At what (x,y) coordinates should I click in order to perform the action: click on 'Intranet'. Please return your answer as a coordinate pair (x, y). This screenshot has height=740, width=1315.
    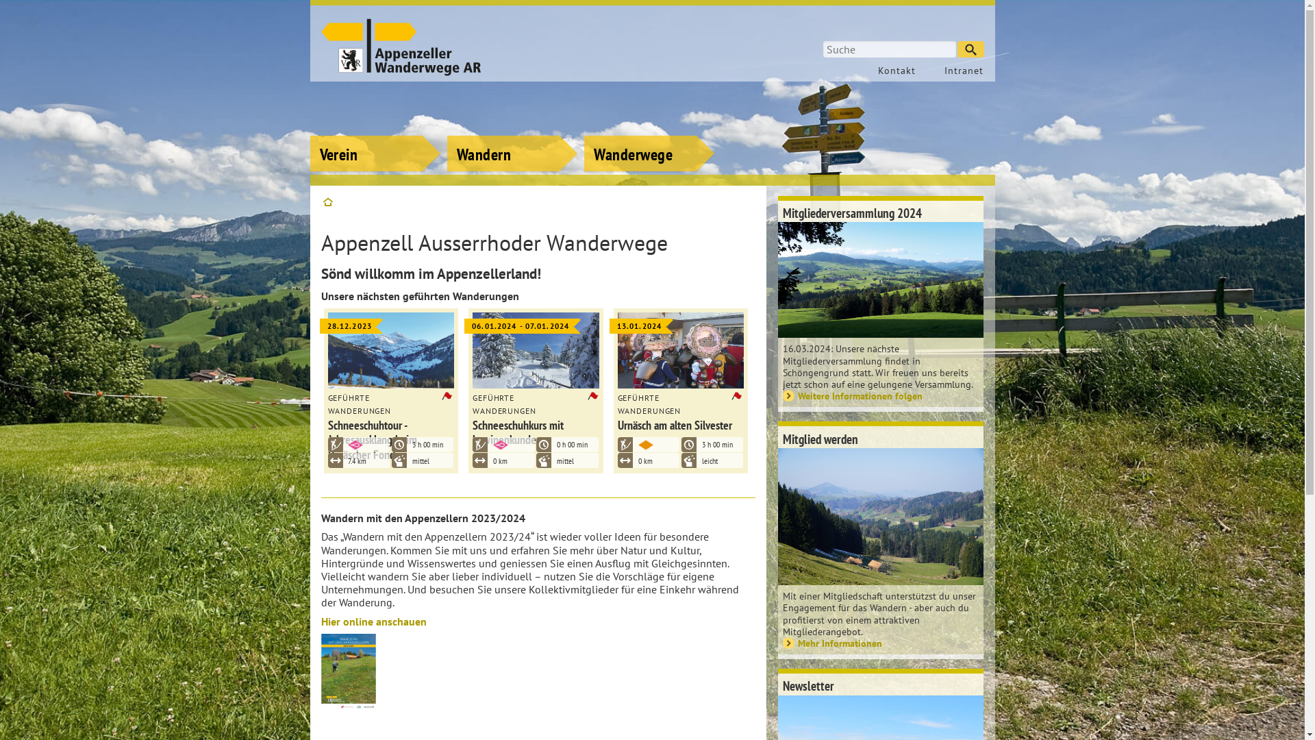
    Looking at the image, I should click on (955, 71).